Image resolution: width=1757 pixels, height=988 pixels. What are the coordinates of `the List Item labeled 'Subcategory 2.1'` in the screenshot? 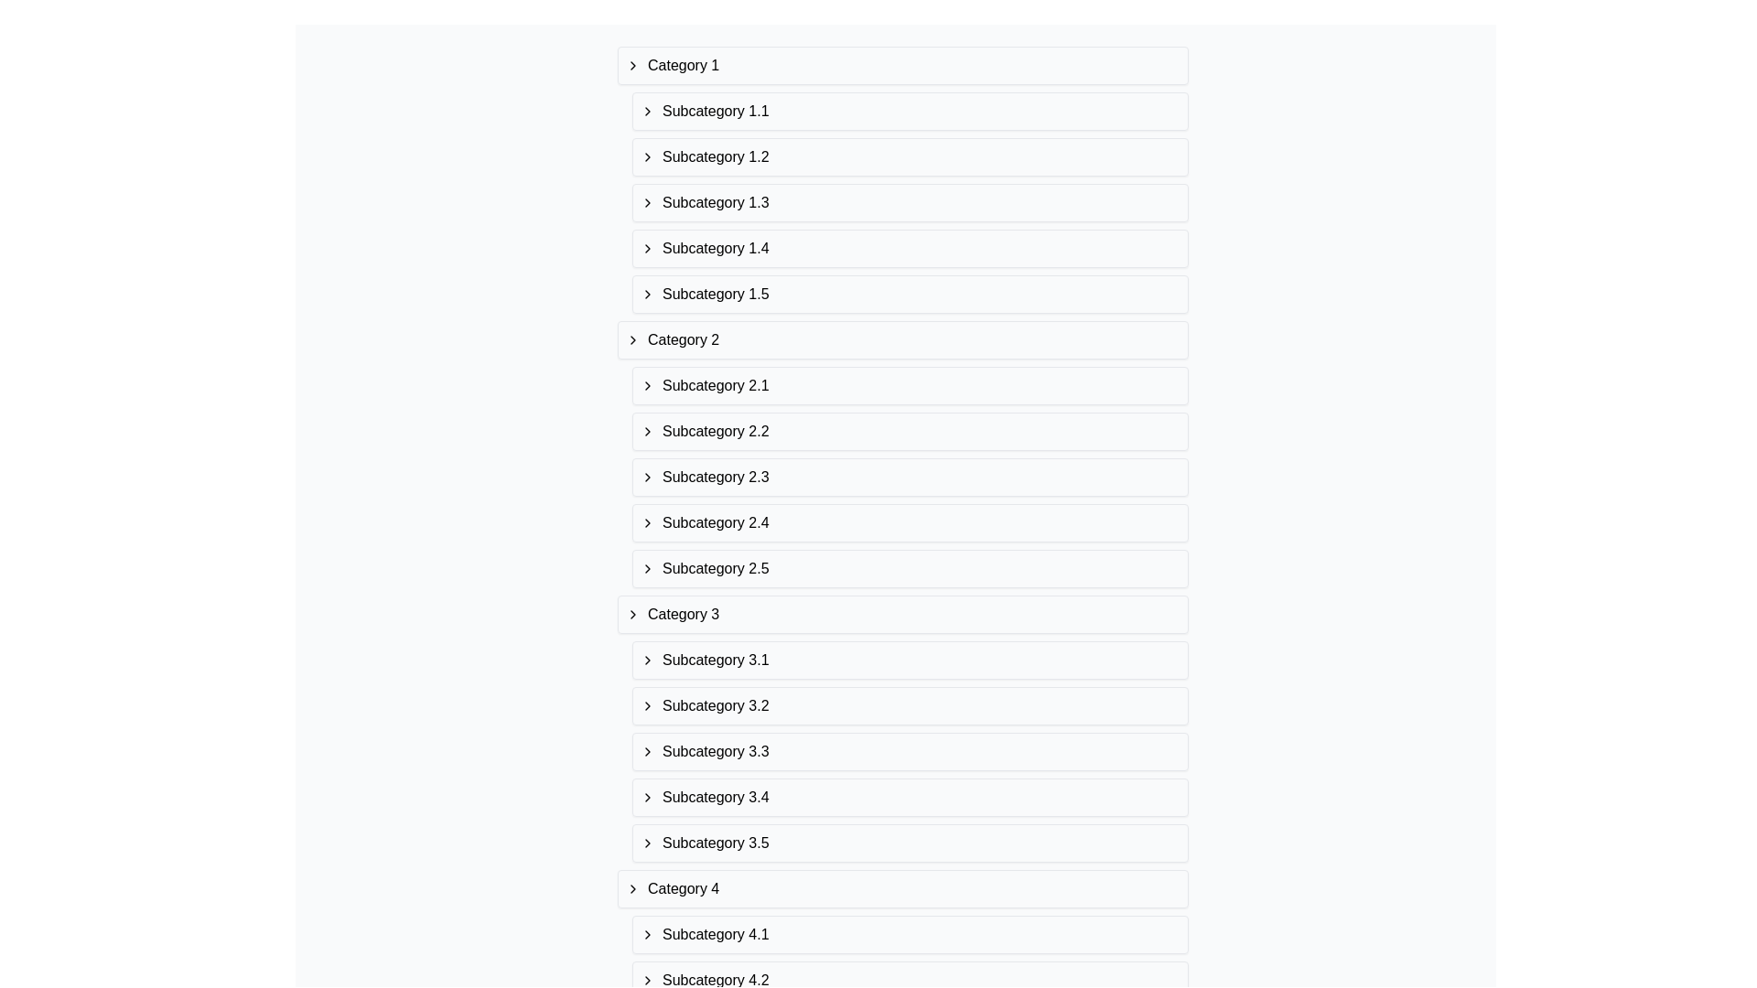 It's located at (910, 384).